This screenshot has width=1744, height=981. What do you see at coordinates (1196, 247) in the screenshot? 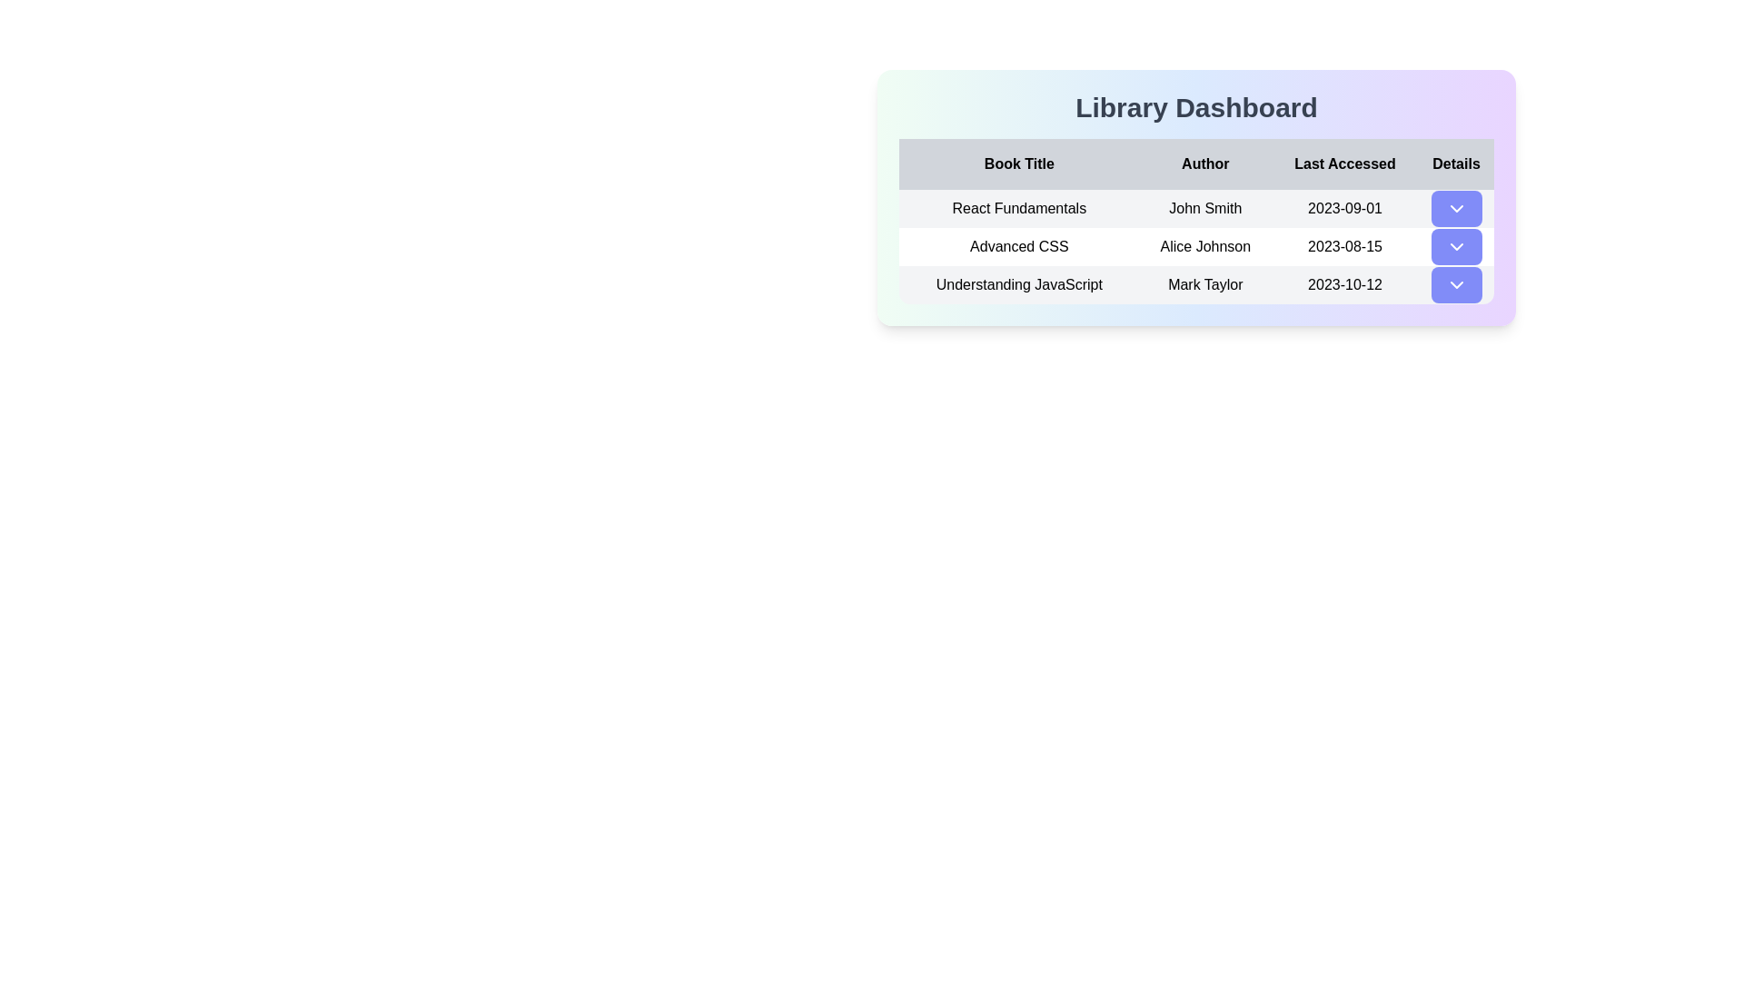
I see `the displayed information in the second row of the table for the book entry 'Advanced CSS' by 'Alice Johnson', which includes the date '2023-08-15' and a button with a blue background and a chevron-down icon` at bounding box center [1196, 247].